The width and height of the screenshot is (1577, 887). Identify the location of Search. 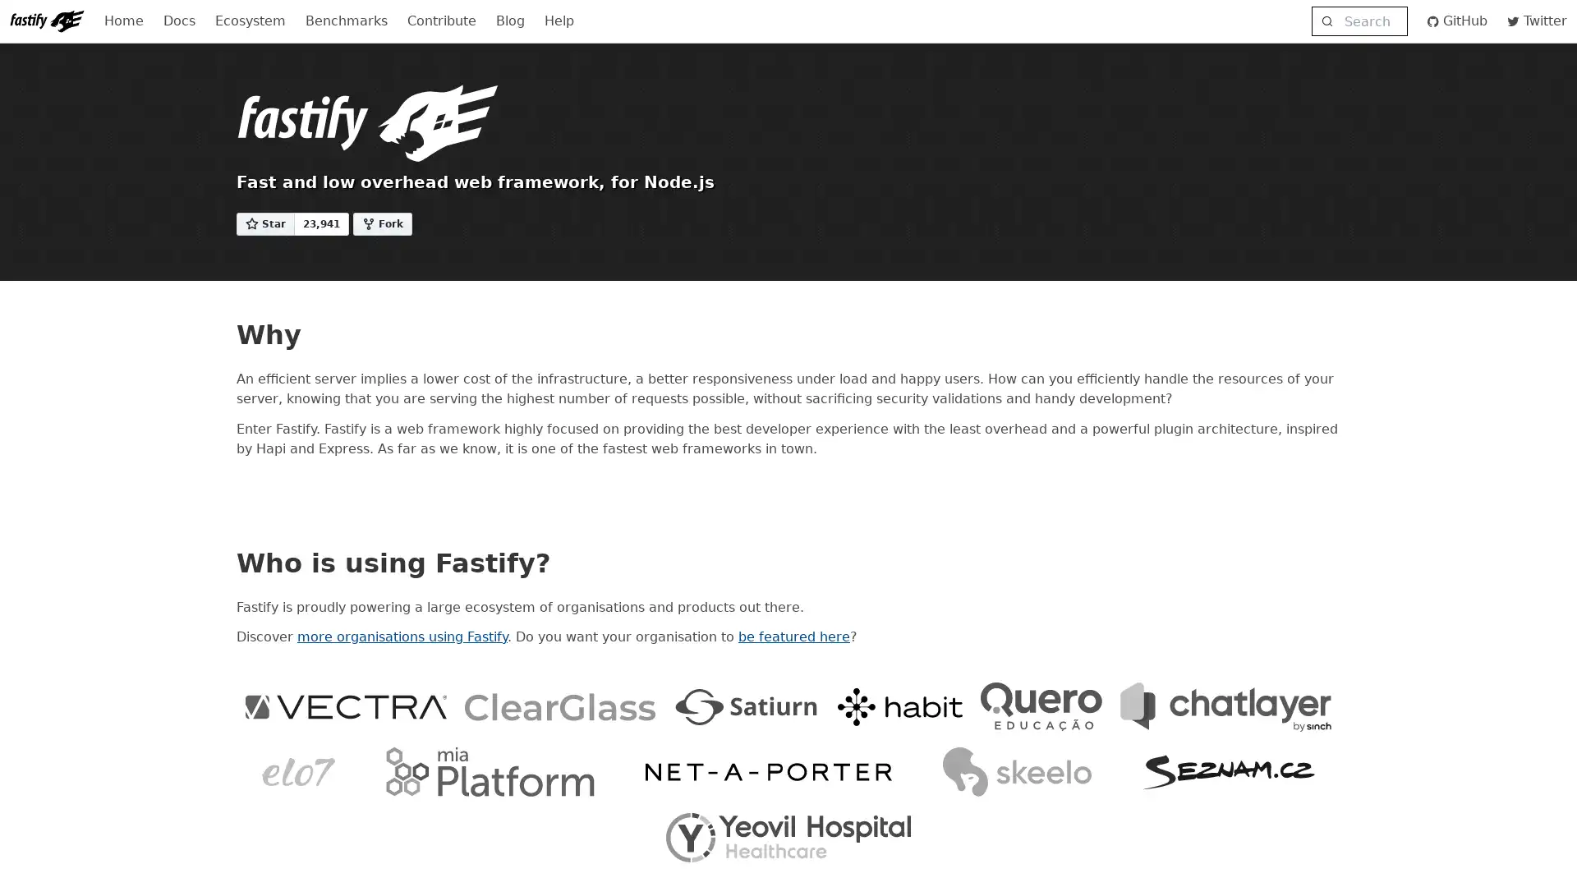
(1359, 21).